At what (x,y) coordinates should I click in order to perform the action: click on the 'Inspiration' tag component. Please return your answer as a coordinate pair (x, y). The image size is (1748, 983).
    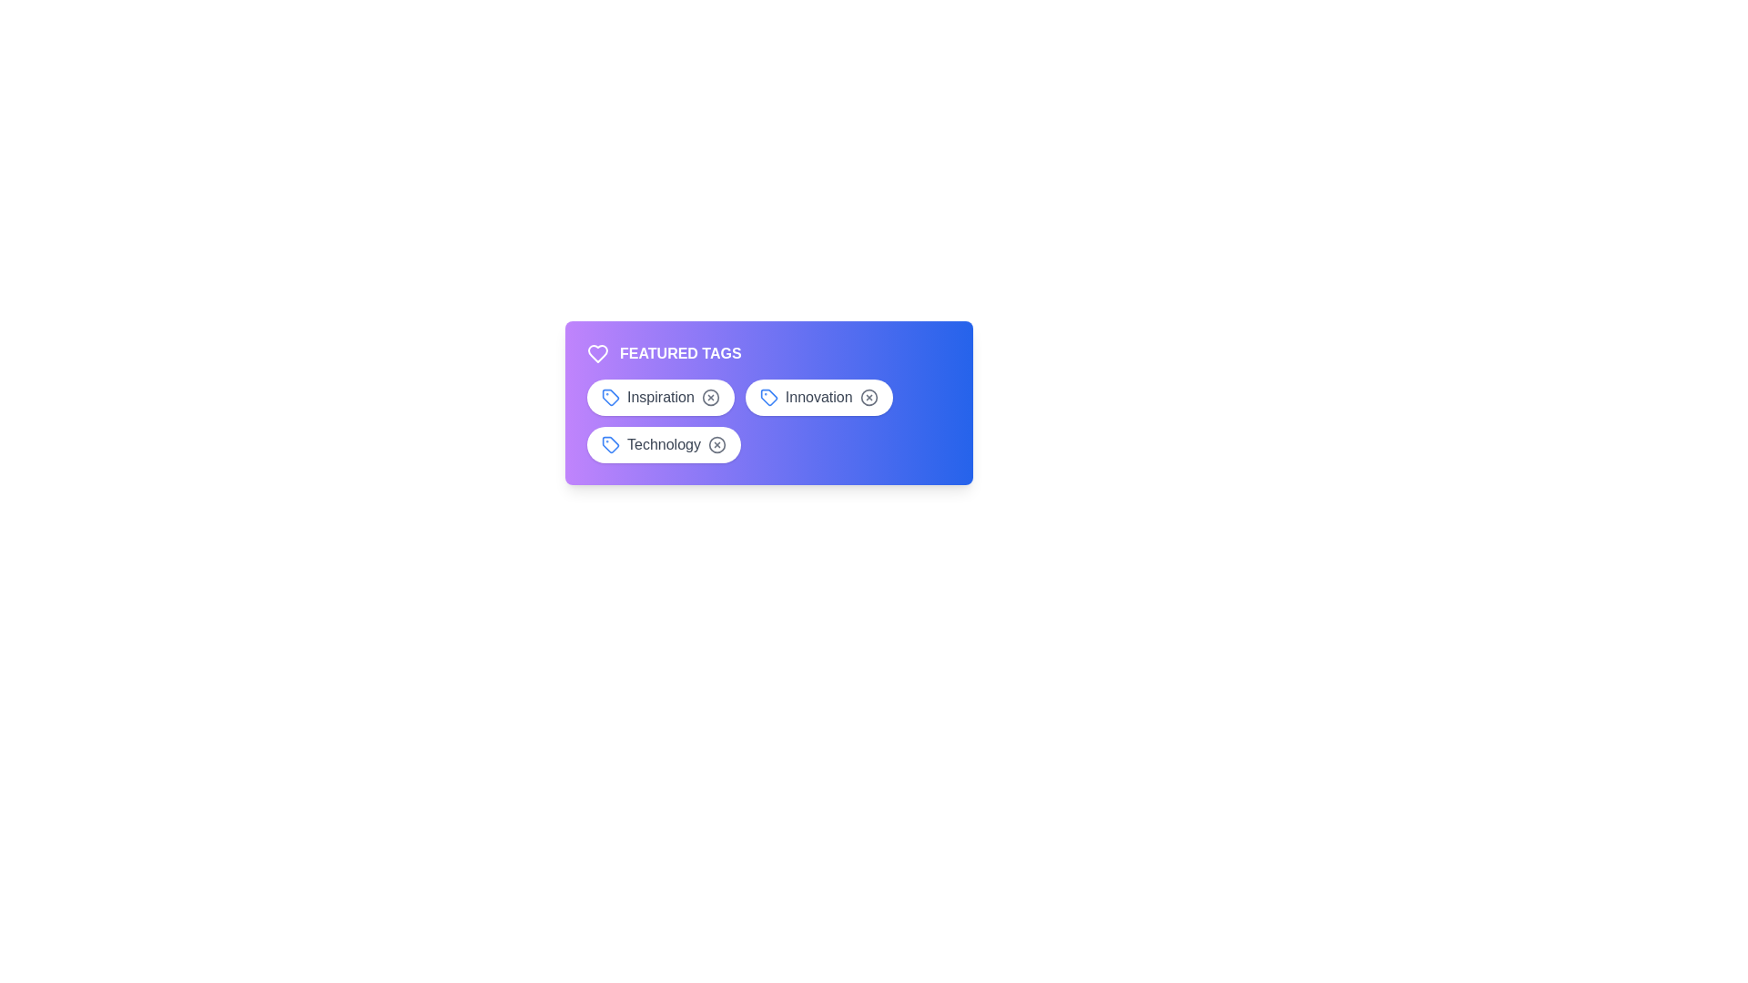
    Looking at the image, I should click on (659, 396).